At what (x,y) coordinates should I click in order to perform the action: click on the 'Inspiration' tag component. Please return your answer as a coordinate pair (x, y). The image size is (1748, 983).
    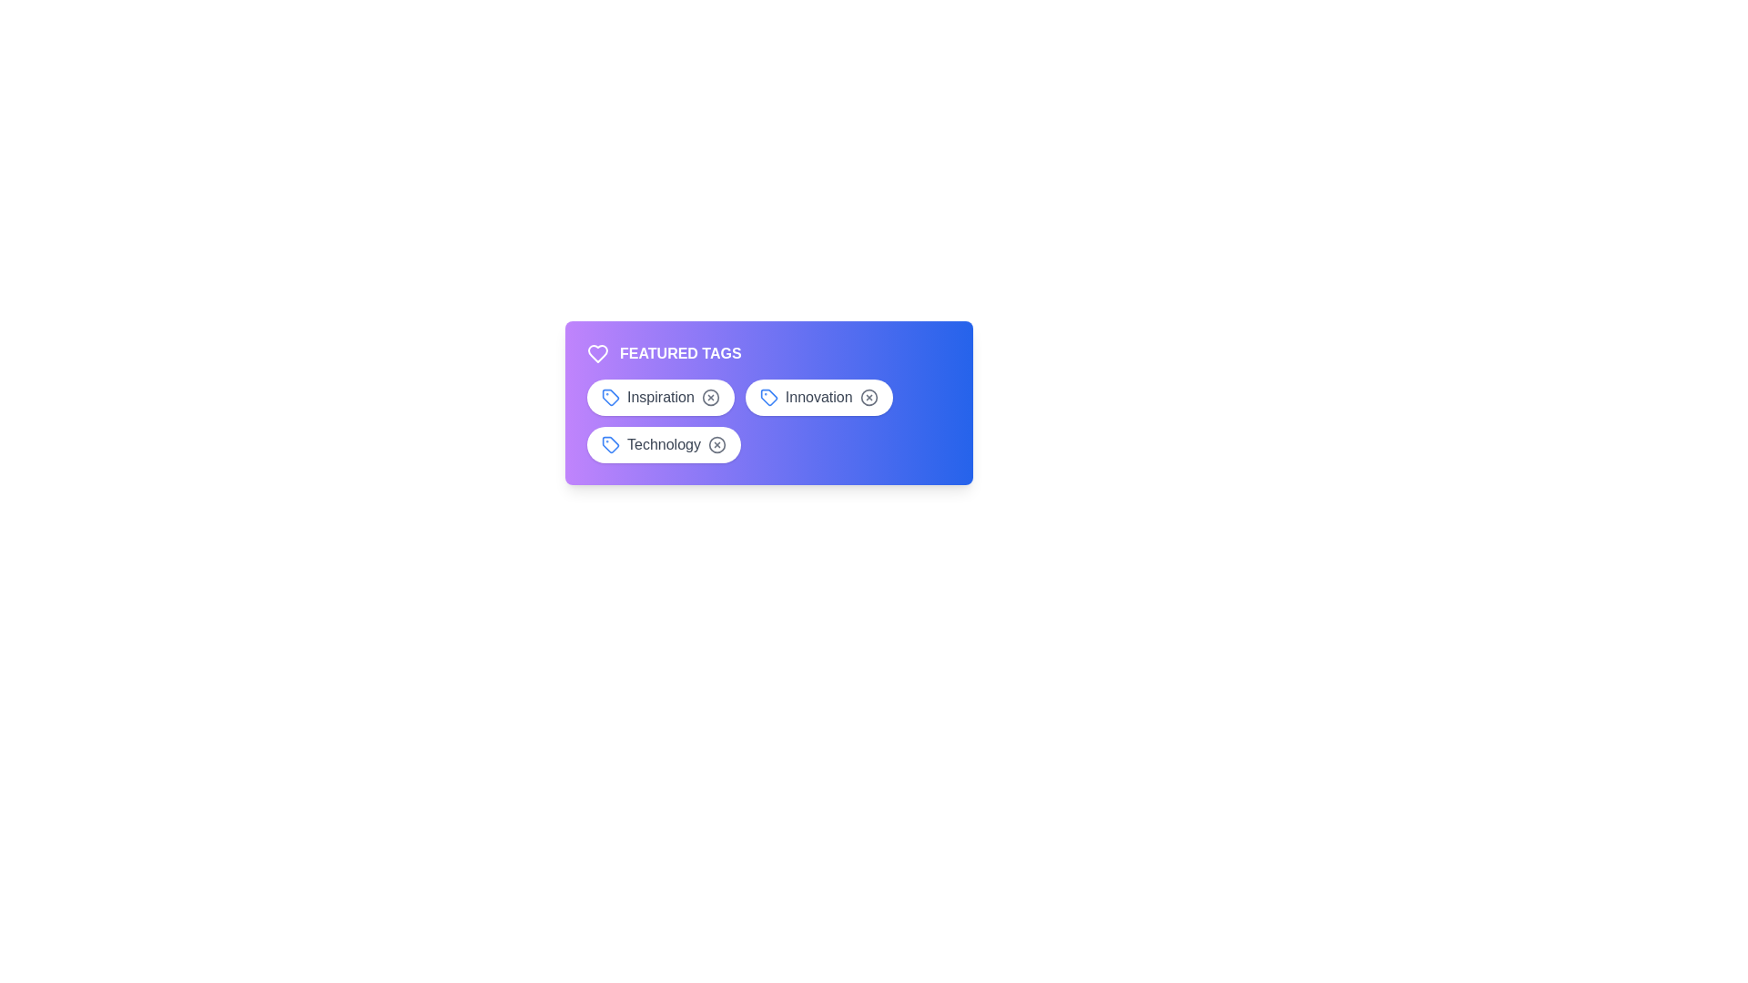
    Looking at the image, I should click on (659, 396).